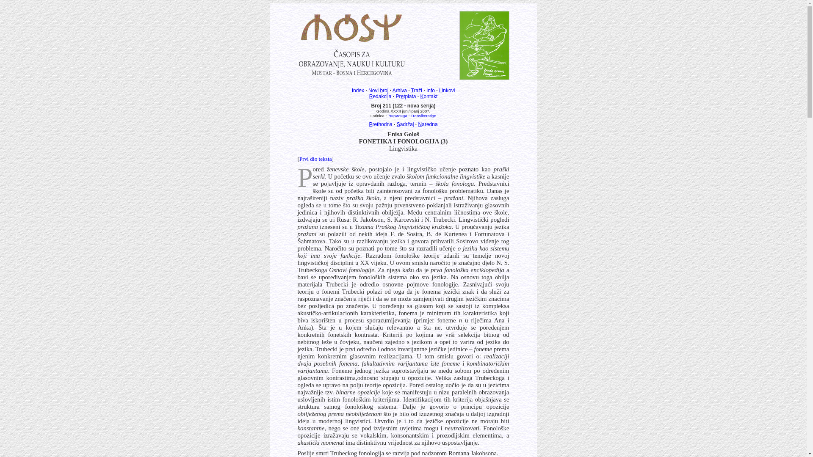 The image size is (813, 457). I want to click on 'Kontakt', so click(420, 96).